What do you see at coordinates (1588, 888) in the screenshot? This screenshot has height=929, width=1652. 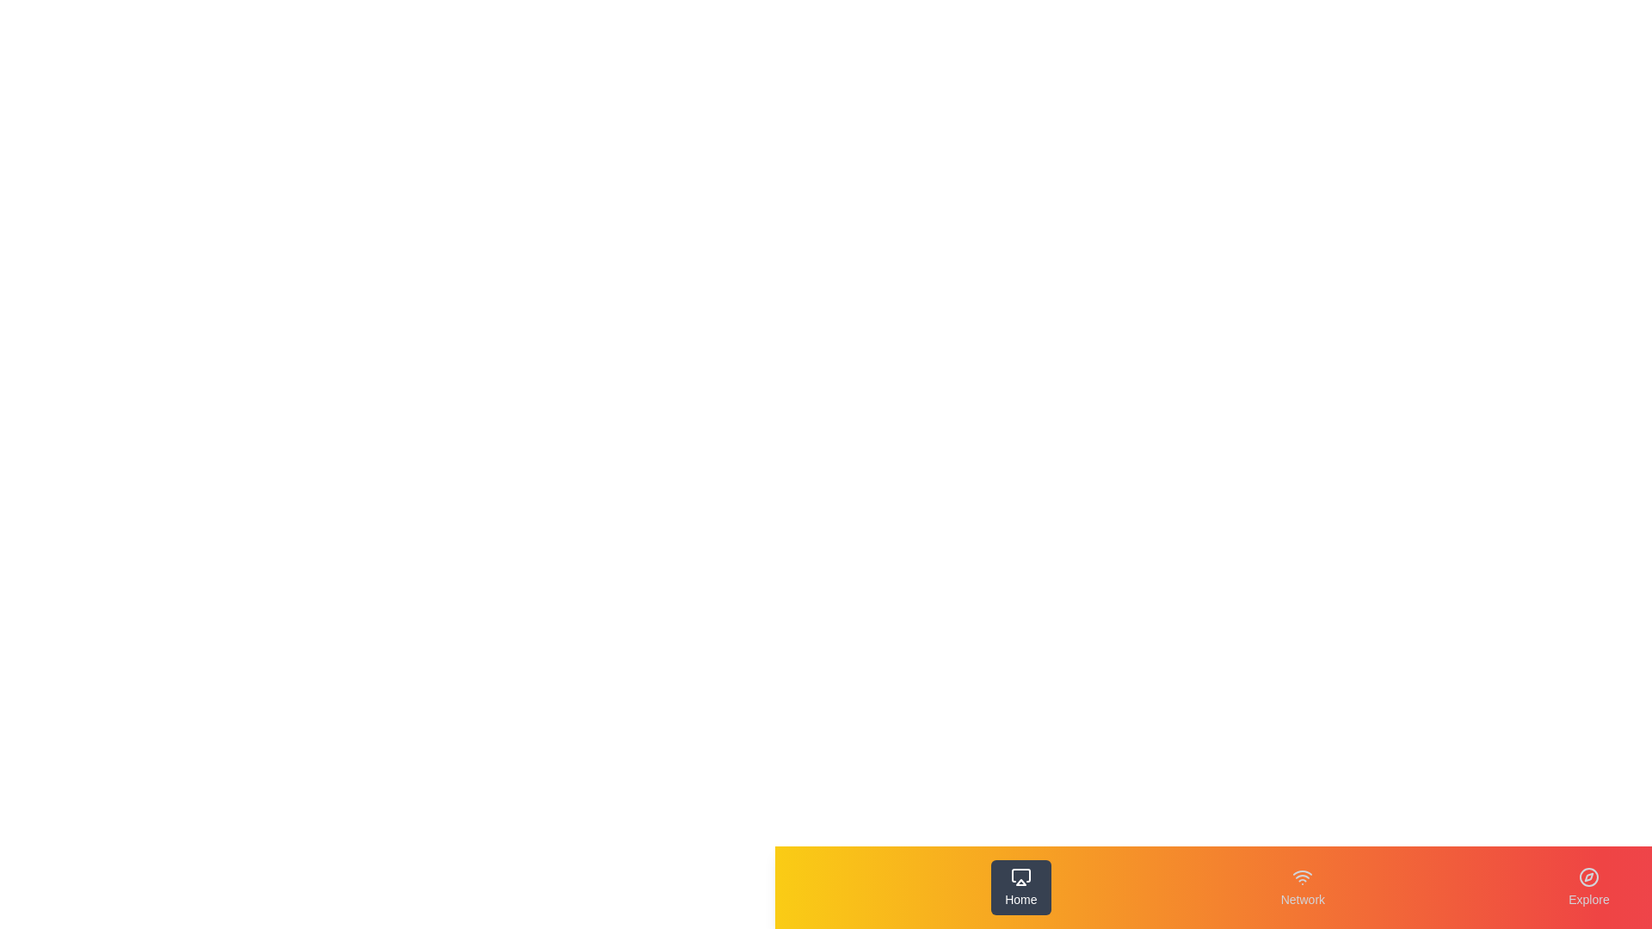 I see `the Explore tab by clicking on its respective button` at bounding box center [1588, 888].